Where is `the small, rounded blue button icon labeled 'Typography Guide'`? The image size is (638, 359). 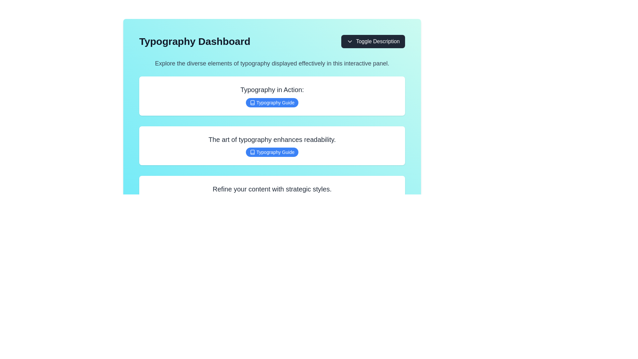
the small, rounded blue button icon labeled 'Typography Guide' is located at coordinates (252, 102).